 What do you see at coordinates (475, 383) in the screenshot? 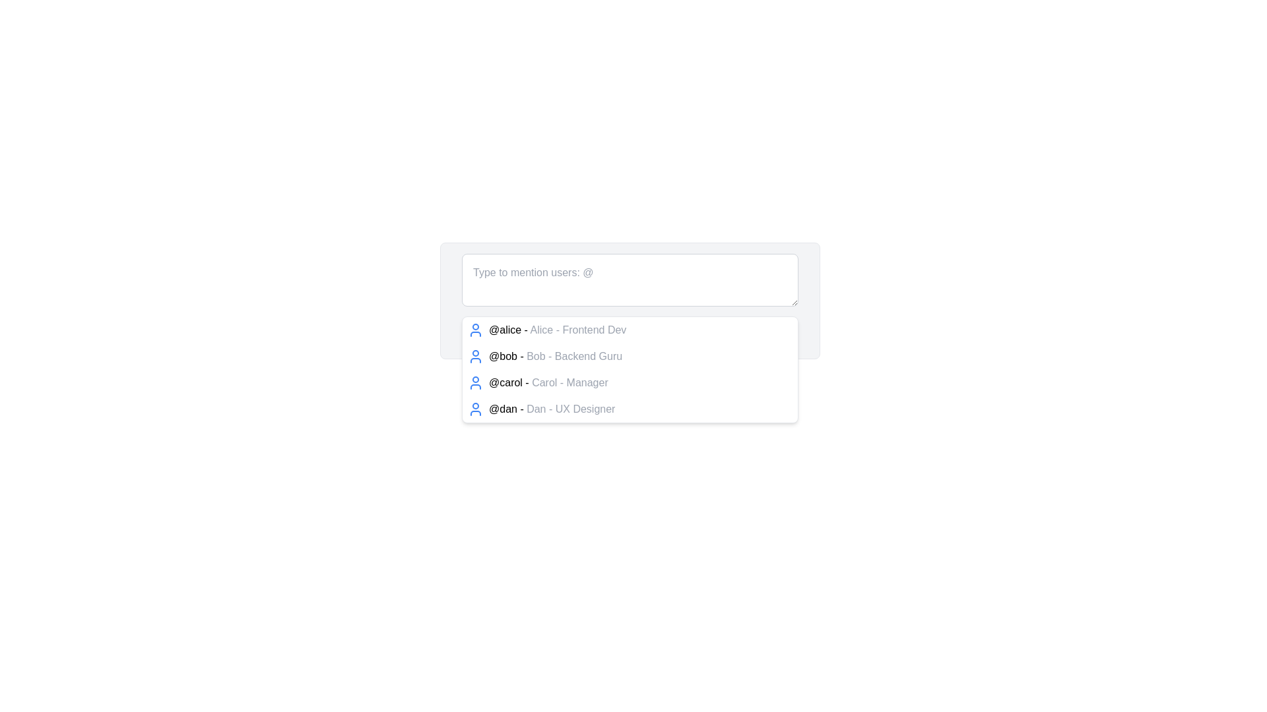
I see `the blue outline person icon located at the start of the list item for '@carol - Carol - Manager'` at bounding box center [475, 383].